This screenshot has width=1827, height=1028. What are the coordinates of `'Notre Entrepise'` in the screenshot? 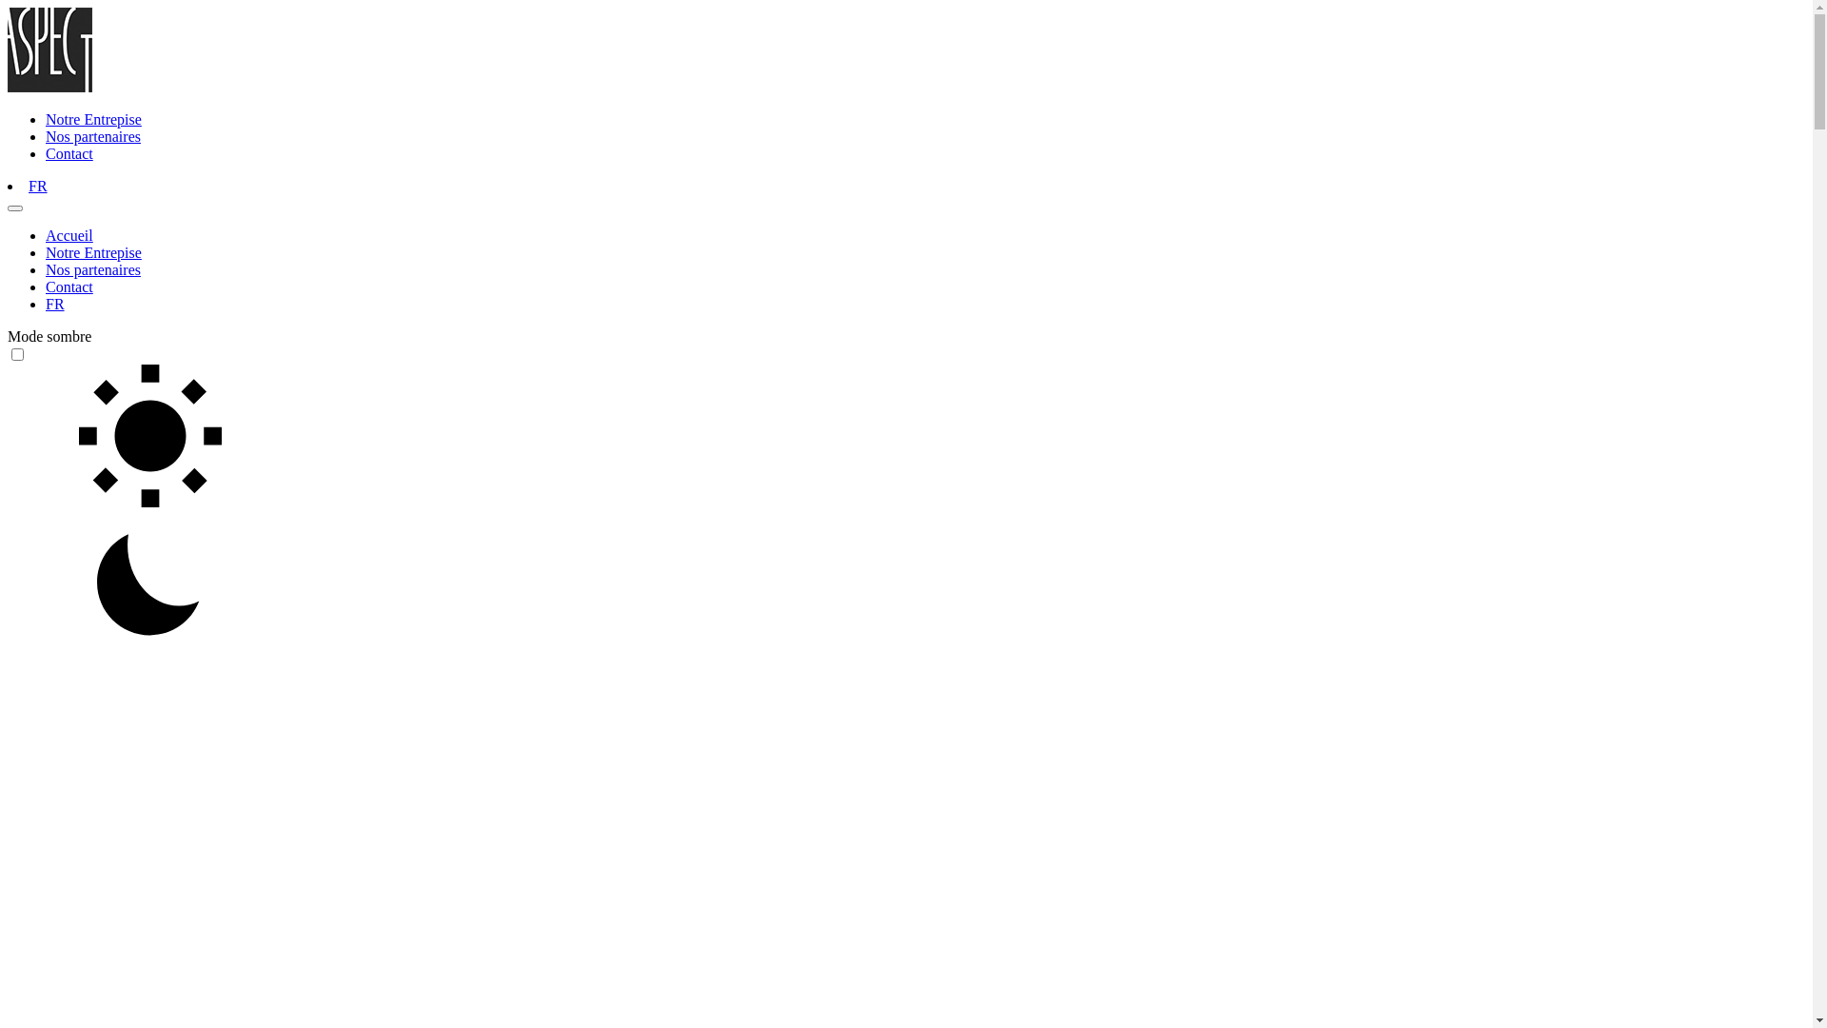 It's located at (92, 119).